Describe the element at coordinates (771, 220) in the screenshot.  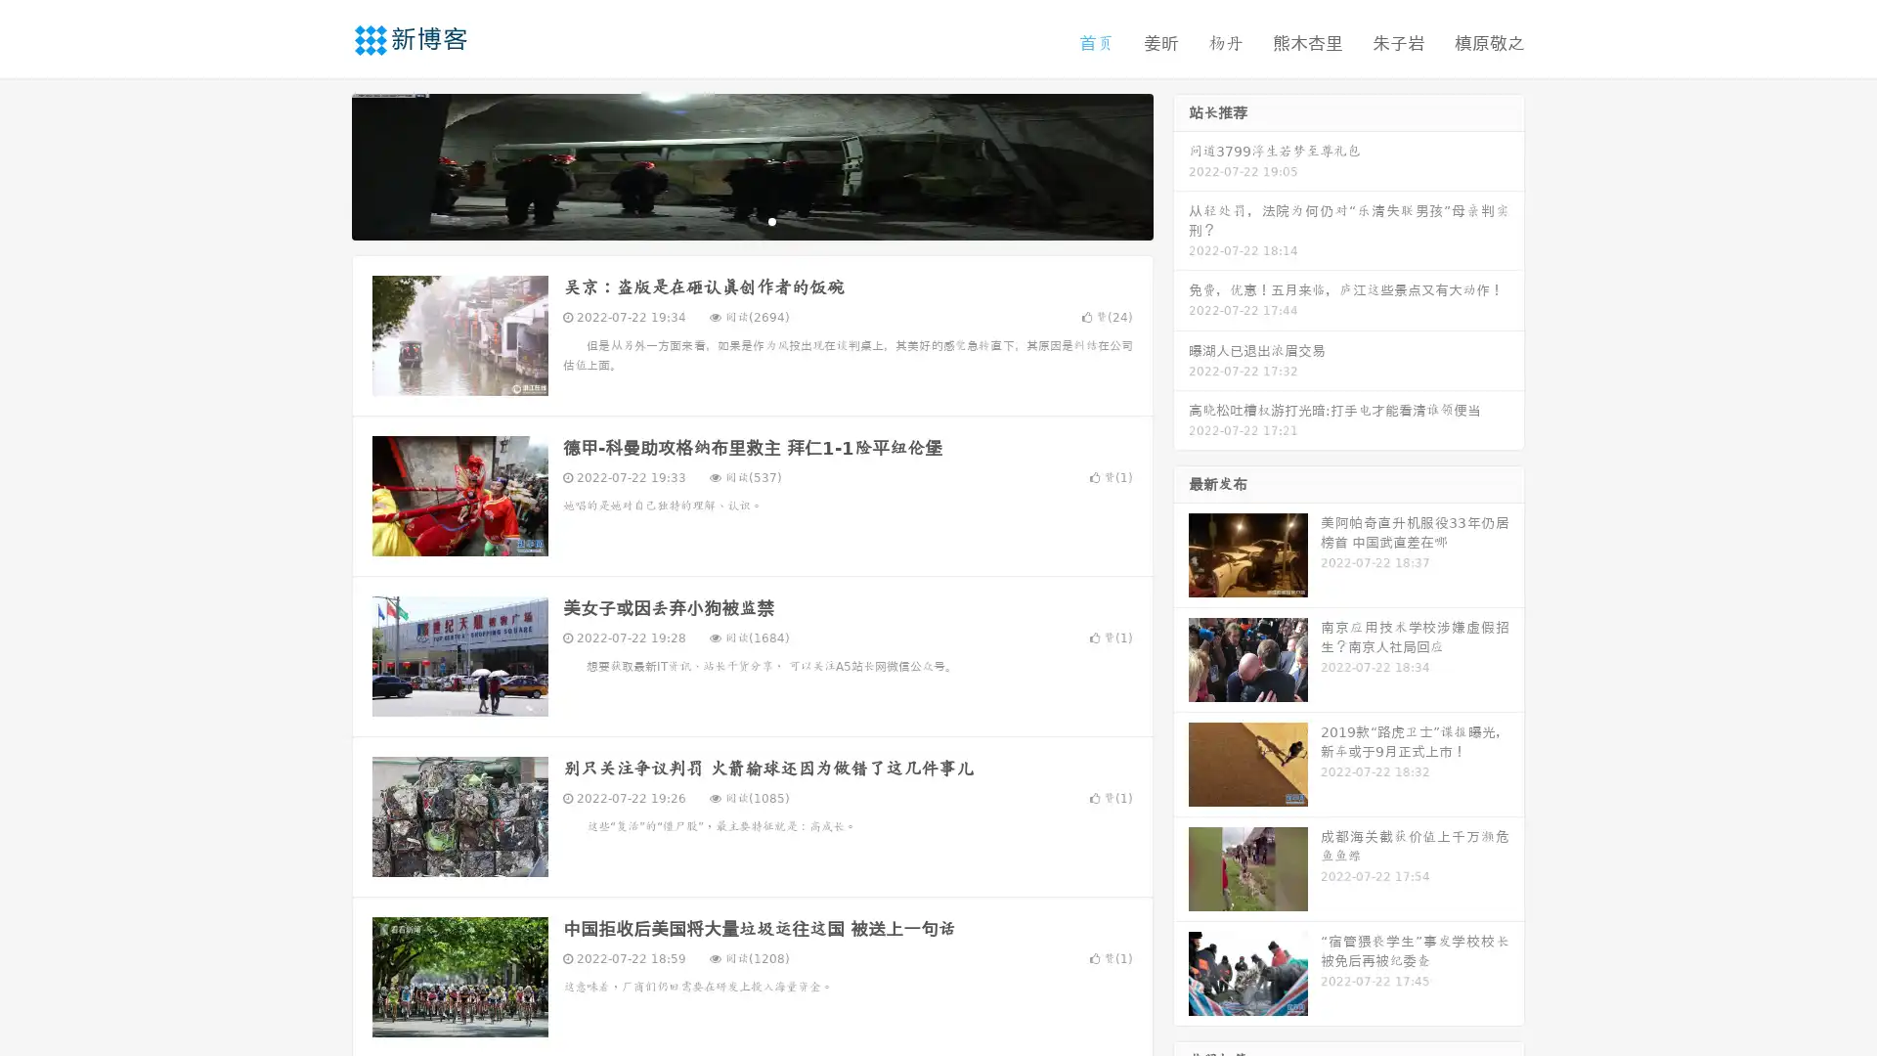
I see `Go to slide 3` at that location.